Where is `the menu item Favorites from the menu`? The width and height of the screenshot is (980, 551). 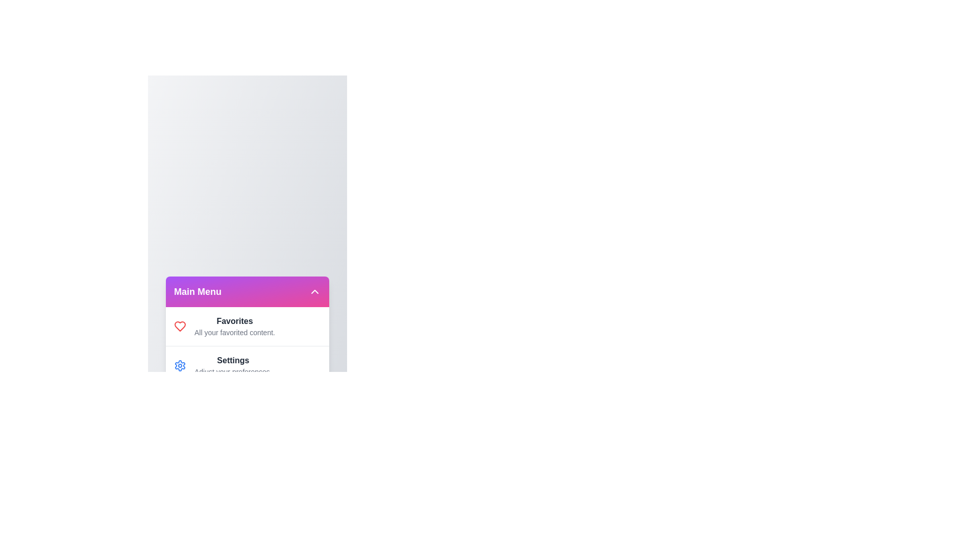
the menu item Favorites from the menu is located at coordinates (180, 326).